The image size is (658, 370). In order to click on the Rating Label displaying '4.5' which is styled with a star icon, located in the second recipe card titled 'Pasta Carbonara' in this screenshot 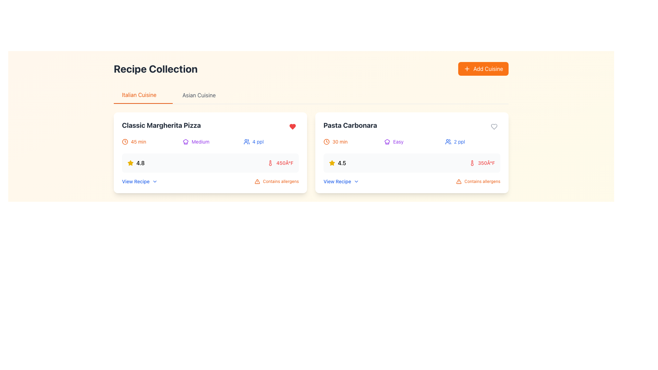, I will do `click(337, 163)`.